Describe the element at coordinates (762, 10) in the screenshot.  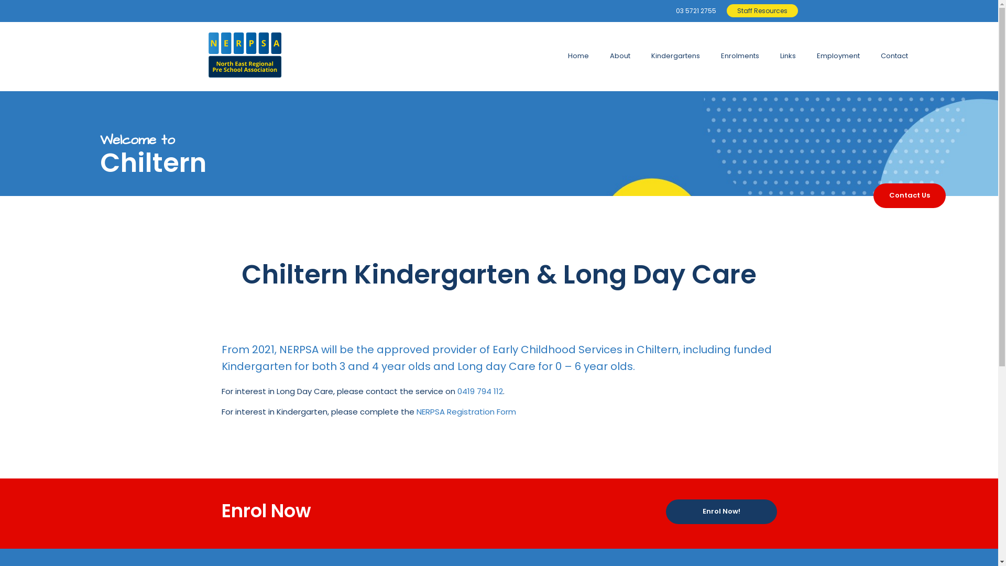
I see `'Staff Resources'` at that location.